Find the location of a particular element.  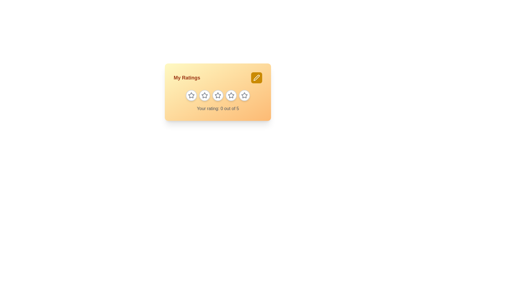

the fourth star icon in the rating component under the 'My Ratings' card is located at coordinates (231, 95).